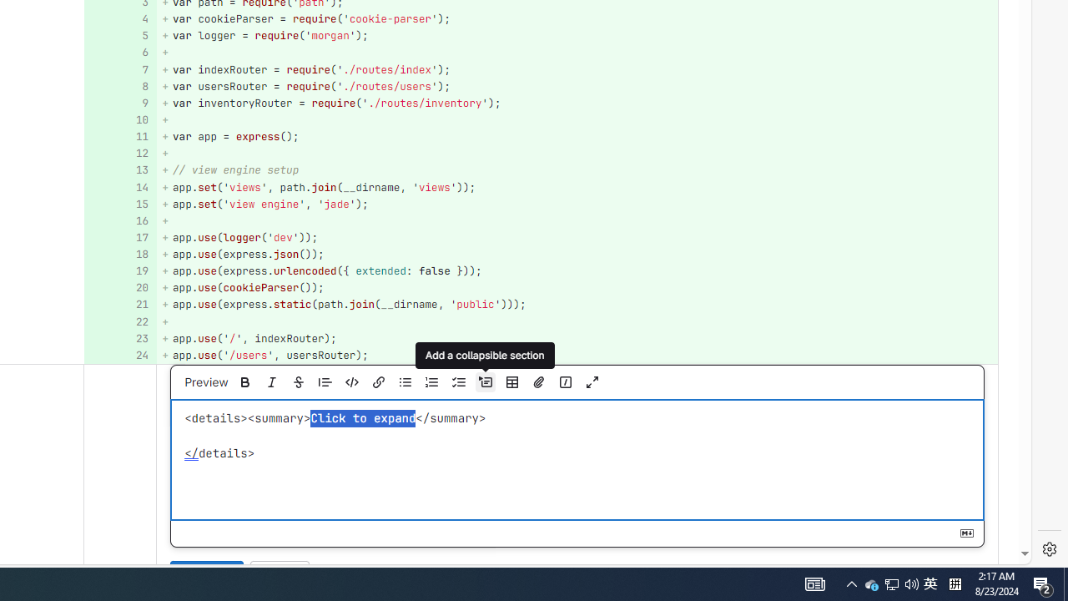  What do you see at coordinates (577, 68) in the screenshot?
I see `'+ var indexRouter = require('` at bounding box center [577, 68].